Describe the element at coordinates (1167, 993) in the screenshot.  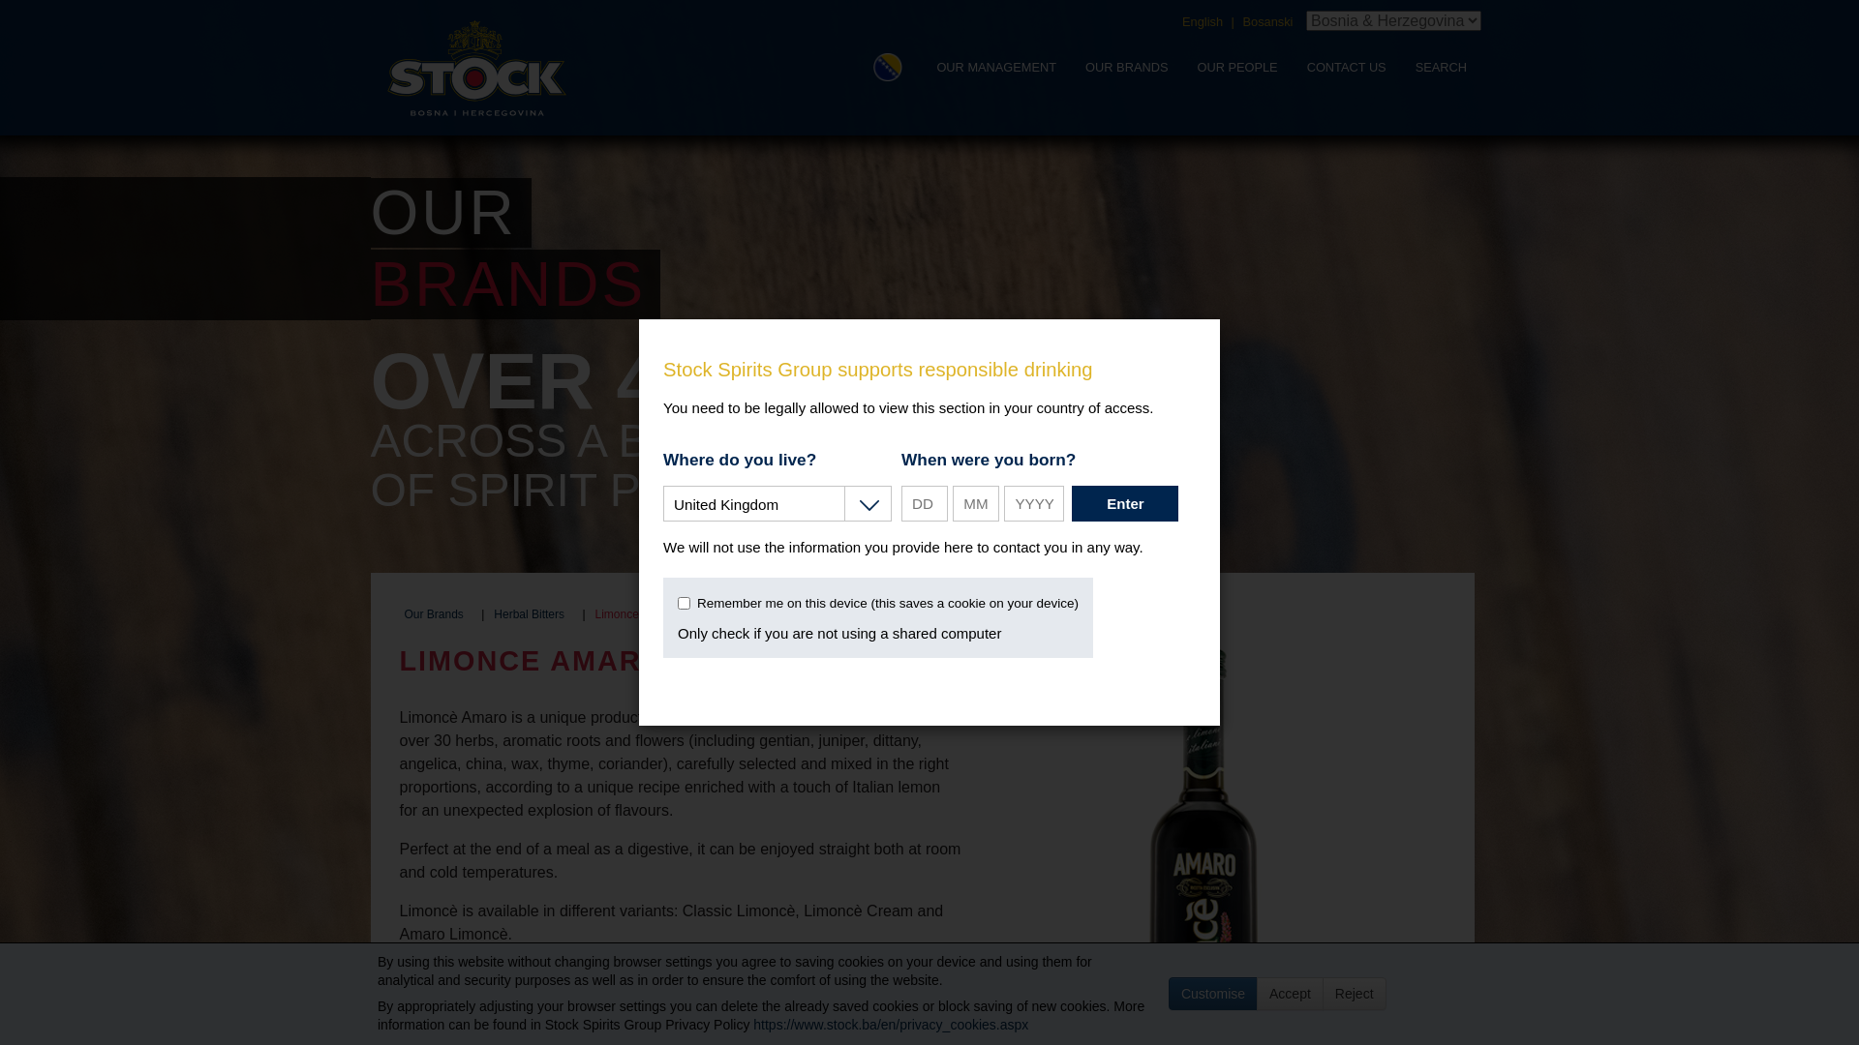
I see `'Customise'` at that location.